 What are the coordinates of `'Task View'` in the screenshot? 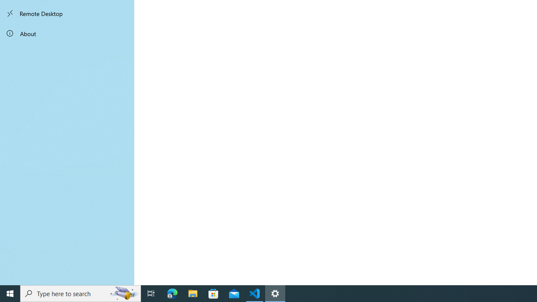 It's located at (151, 293).